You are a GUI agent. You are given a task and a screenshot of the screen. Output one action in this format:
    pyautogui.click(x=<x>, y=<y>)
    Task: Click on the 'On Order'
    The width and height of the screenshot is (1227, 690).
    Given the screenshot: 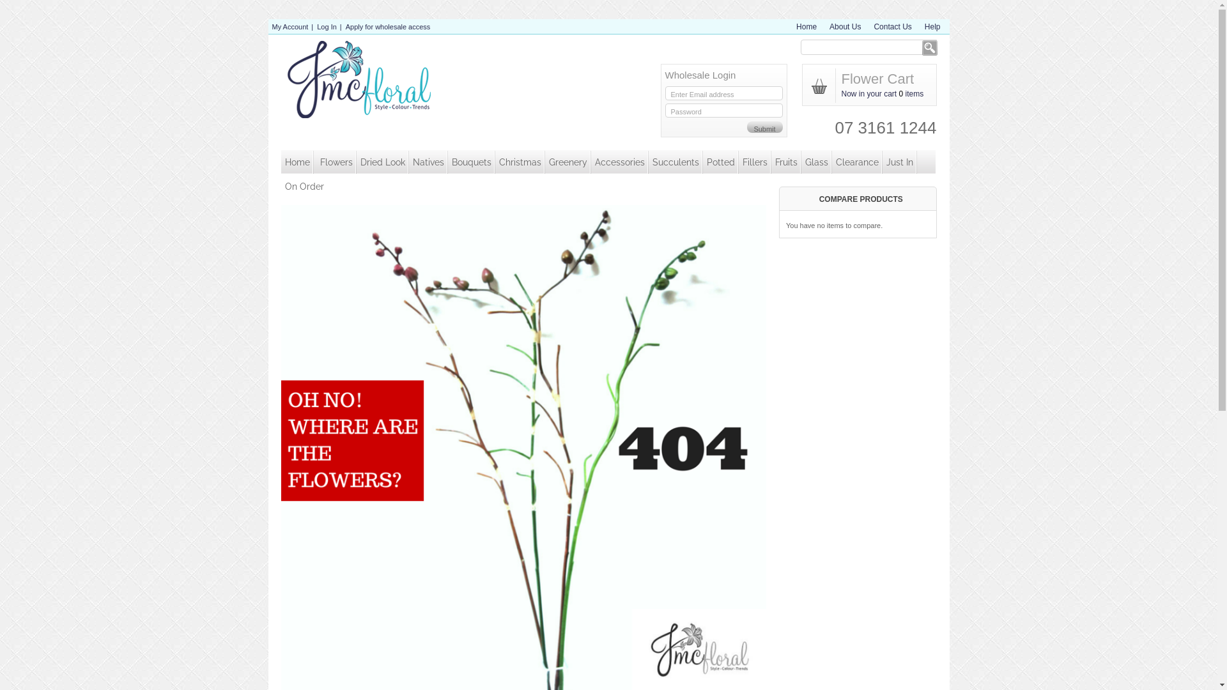 What is the action you would take?
    pyautogui.click(x=304, y=187)
    